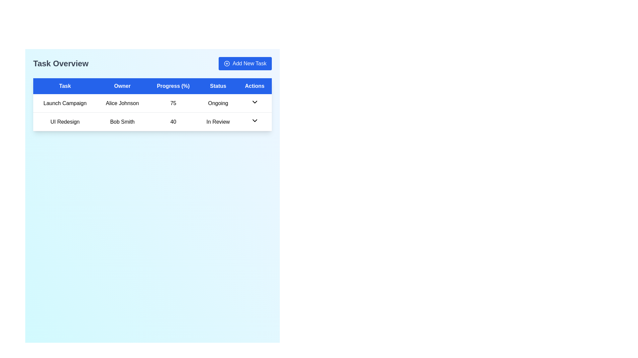 Image resolution: width=638 pixels, height=358 pixels. What do you see at coordinates (65, 86) in the screenshot?
I see `the 'Task' column header in the table, which is the first column header in a layout of five headers, located at the top of the task management table` at bounding box center [65, 86].